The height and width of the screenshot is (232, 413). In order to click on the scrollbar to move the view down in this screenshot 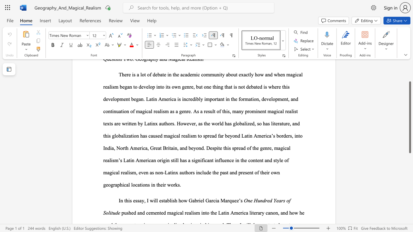, I will do `click(409, 187)`.